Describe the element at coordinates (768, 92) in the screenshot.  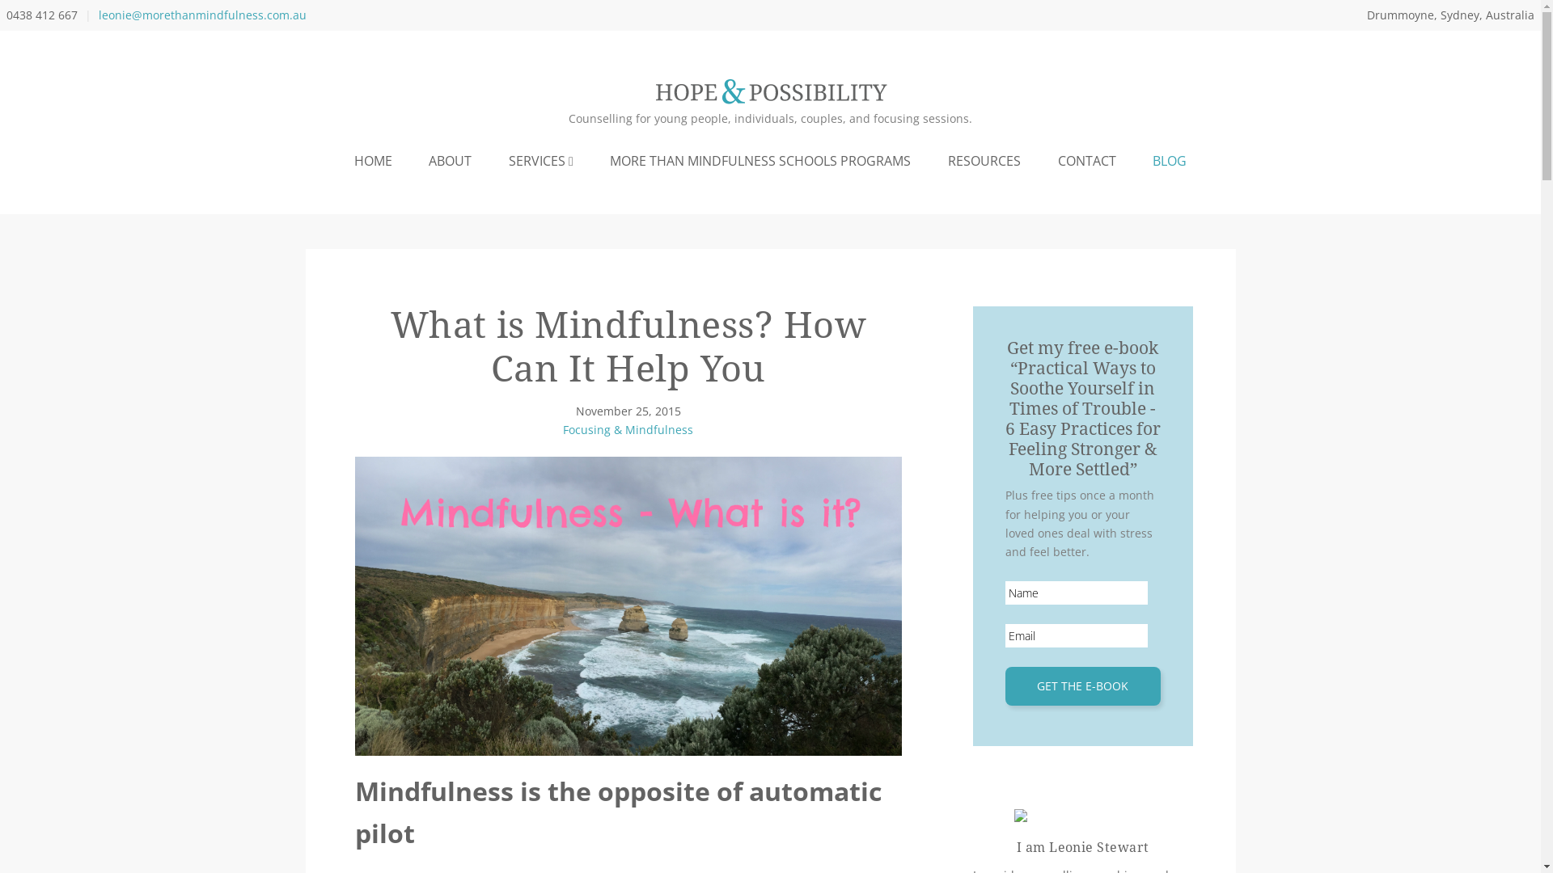
I see `'Hope and Possibility'` at that location.